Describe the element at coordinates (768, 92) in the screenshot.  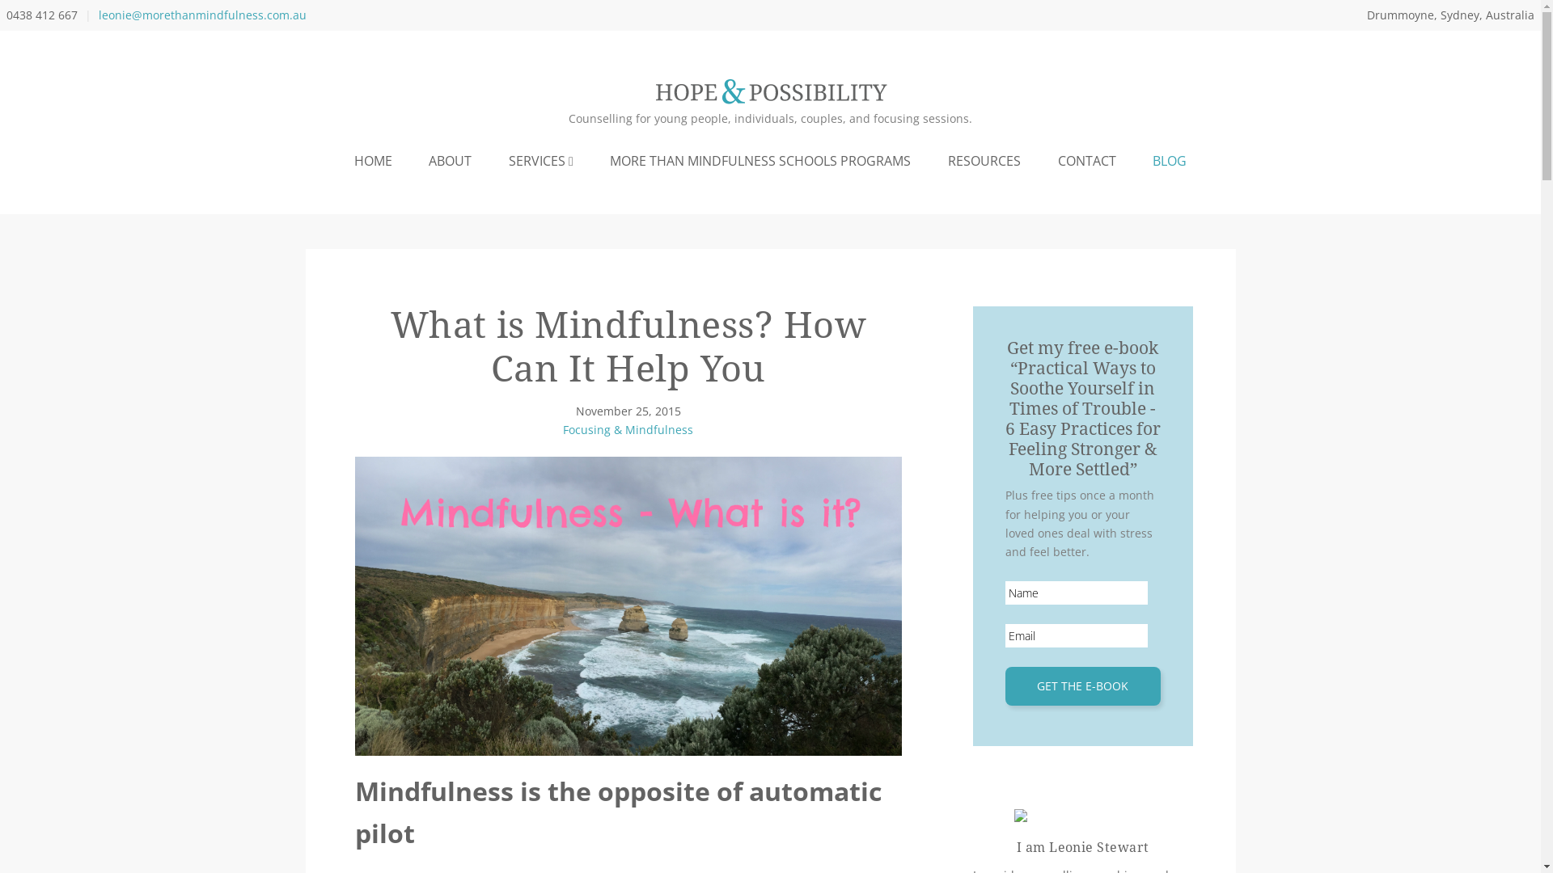
I see `'Hope and Possibility'` at that location.